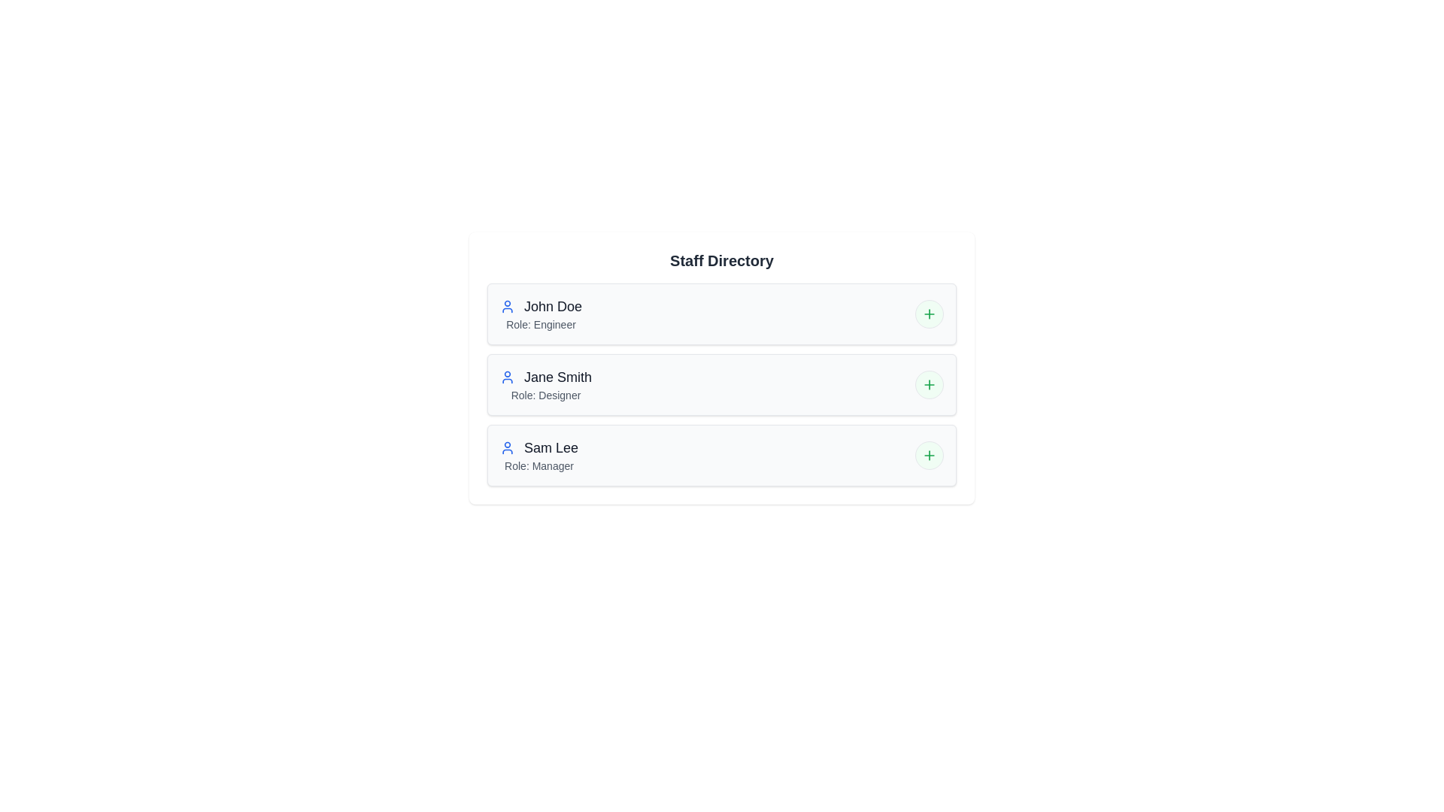  Describe the element at coordinates (929, 454) in the screenshot. I see `the expand/collapse button for Sam Lee` at that location.